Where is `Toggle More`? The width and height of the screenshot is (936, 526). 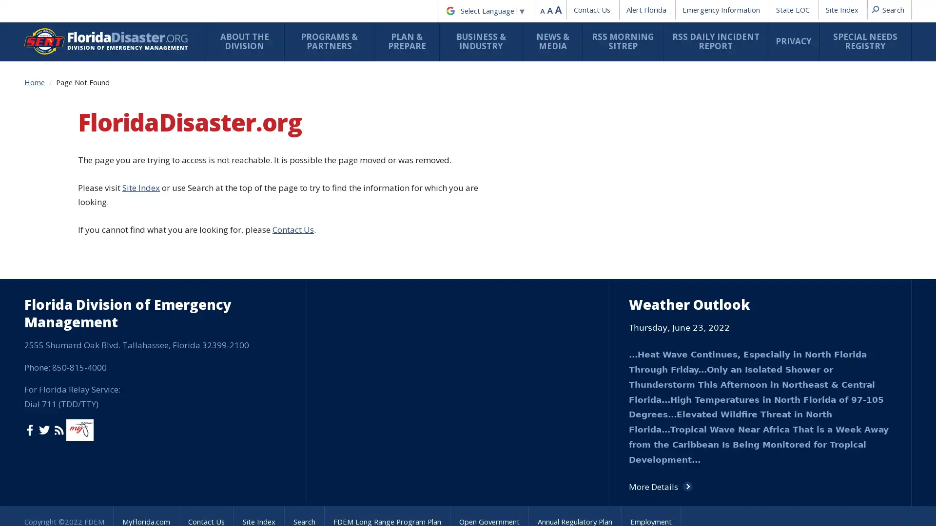 Toggle More is located at coordinates (292, 329).